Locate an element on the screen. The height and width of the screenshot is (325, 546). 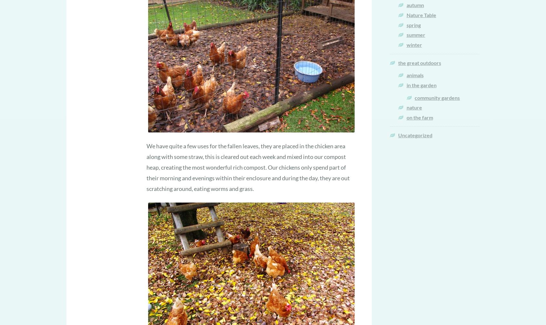
'in the garden' is located at coordinates (421, 84).